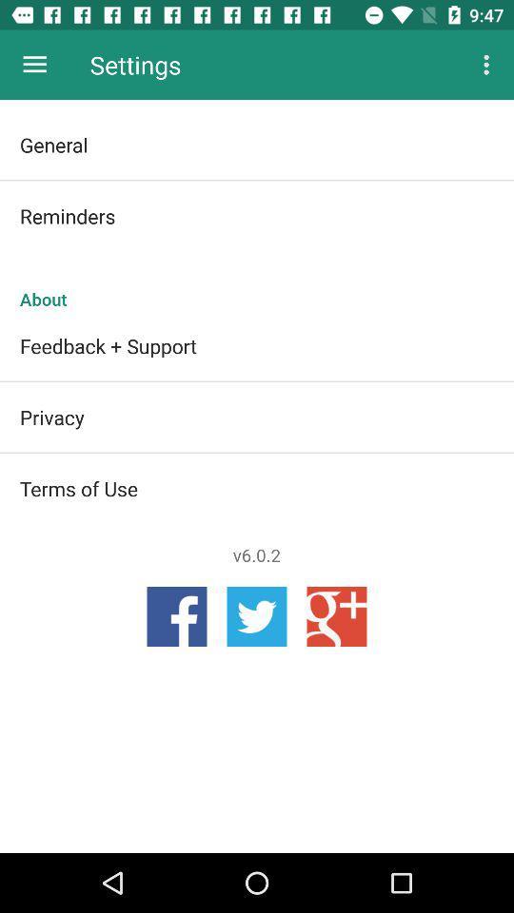 The height and width of the screenshot is (913, 514). I want to click on the item below v6.0.2, so click(257, 615).